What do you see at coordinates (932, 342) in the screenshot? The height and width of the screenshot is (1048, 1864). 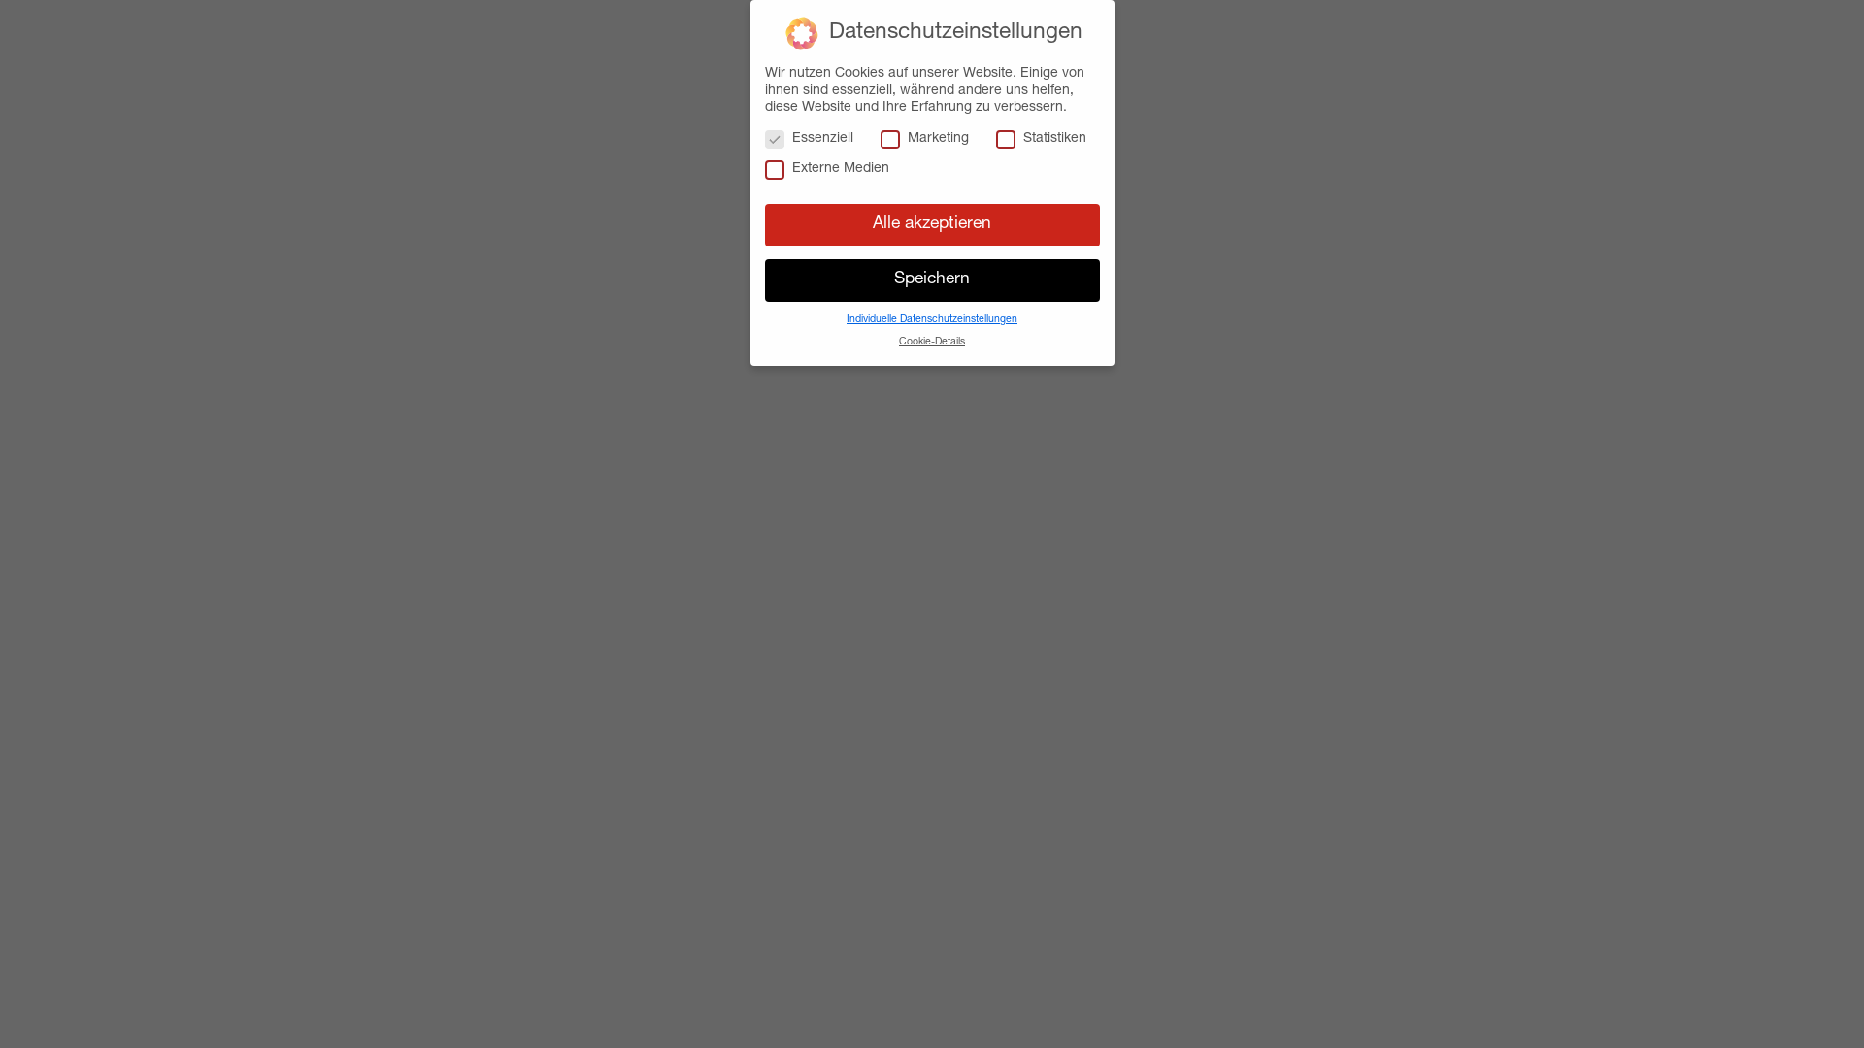 I see `'Cookie-Details'` at bounding box center [932, 342].